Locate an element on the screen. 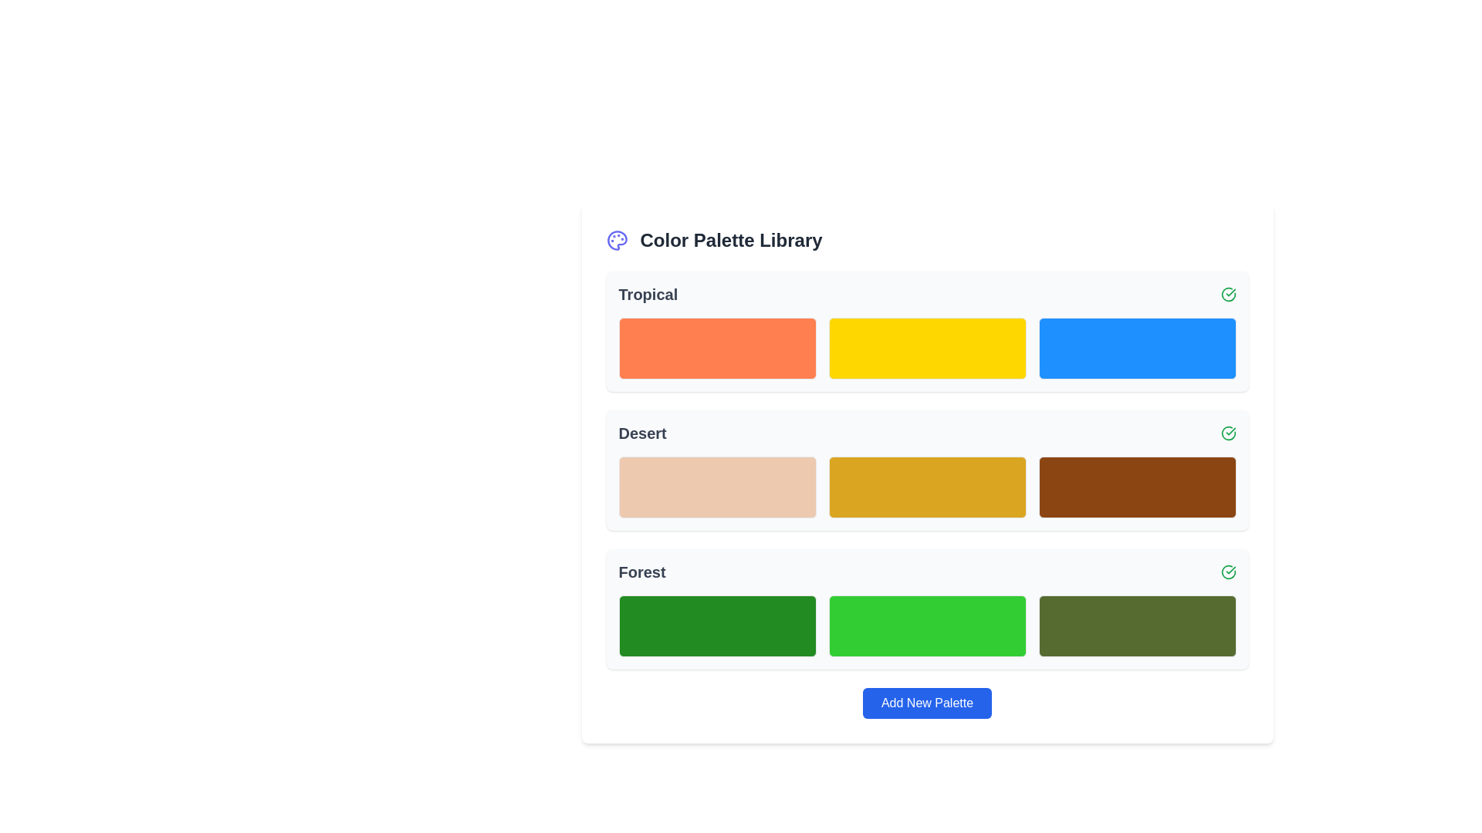 The width and height of the screenshot is (1482, 833). the bright yellow color block with rounded corners located in the Tropical section of the Color Palette Library is located at coordinates (926, 330).